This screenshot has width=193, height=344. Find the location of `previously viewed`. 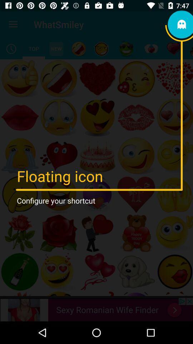

previously viewed is located at coordinates (11, 48).